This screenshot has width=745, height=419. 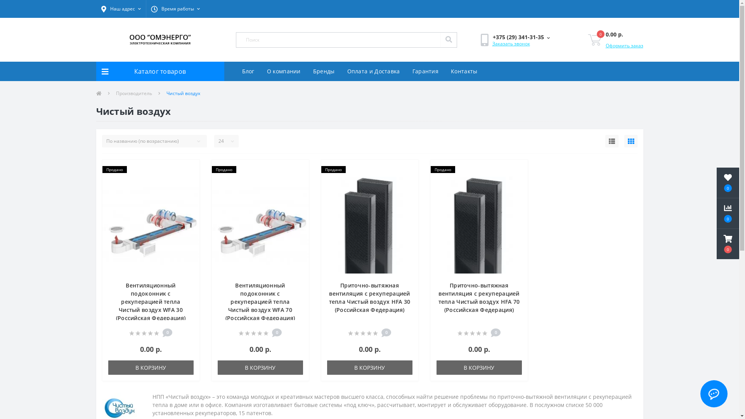 What do you see at coordinates (716, 213) in the screenshot?
I see `'0'` at bounding box center [716, 213].